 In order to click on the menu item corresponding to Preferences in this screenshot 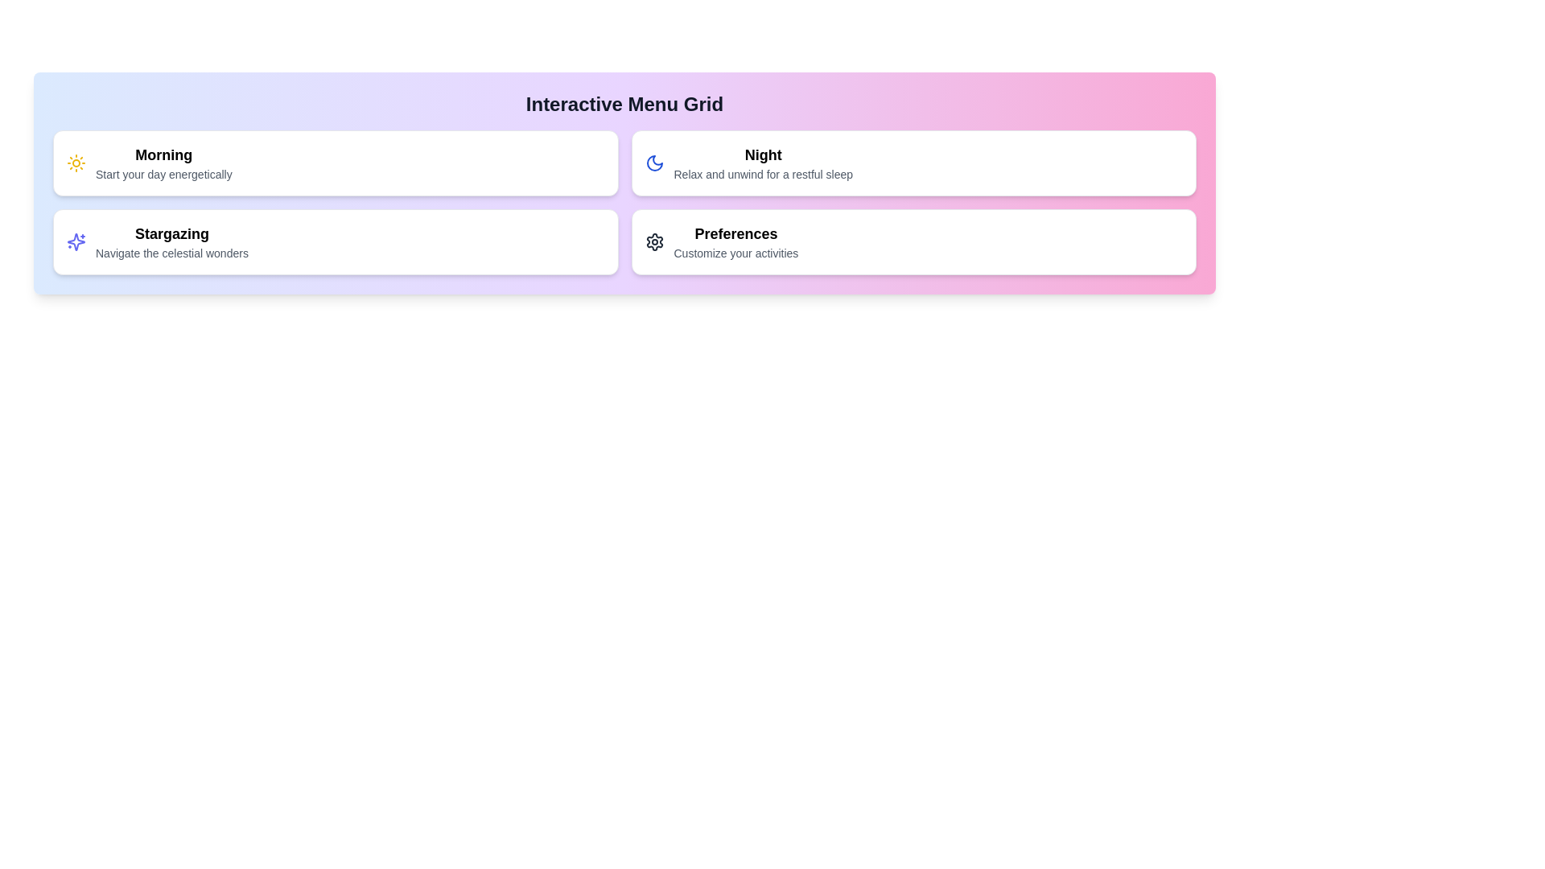, I will do `click(913, 241)`.